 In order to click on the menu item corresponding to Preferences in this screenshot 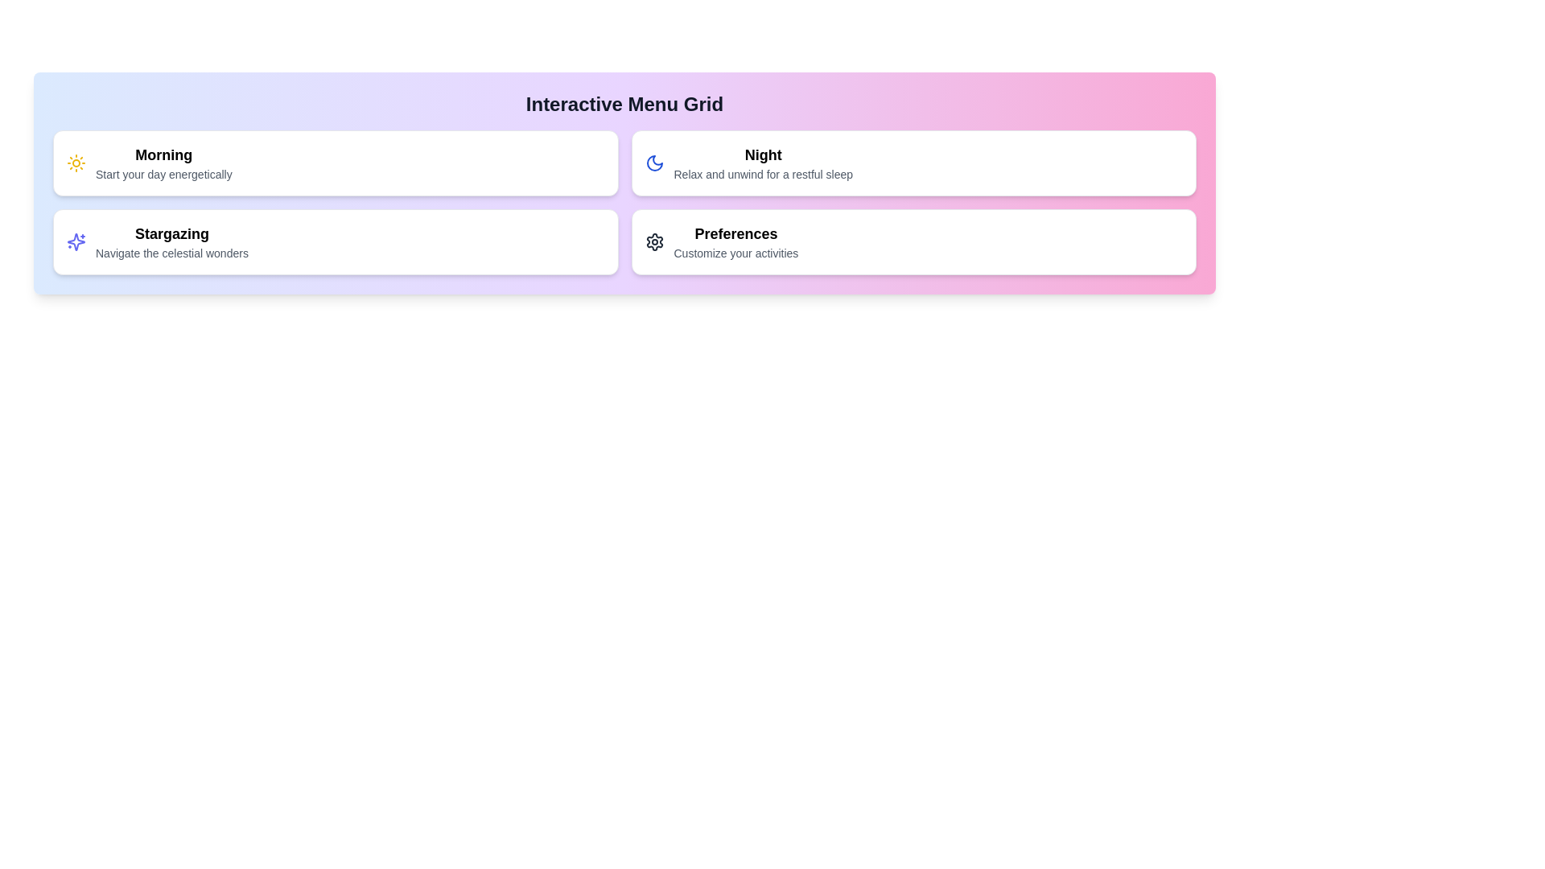, I will do `click(913, 241)`.